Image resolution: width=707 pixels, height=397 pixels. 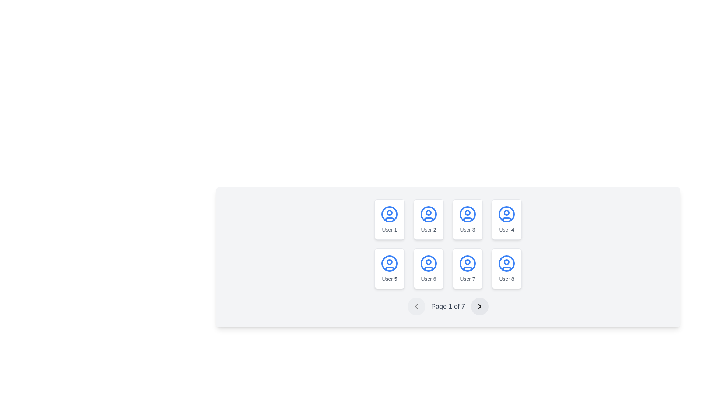 I want to click on the Card element representing 'User 6', which features a blue outlined user icon and the label 'User 6' in gray font, located in the second row and second column of a 4x2 grid, so click(x=428, y=269).